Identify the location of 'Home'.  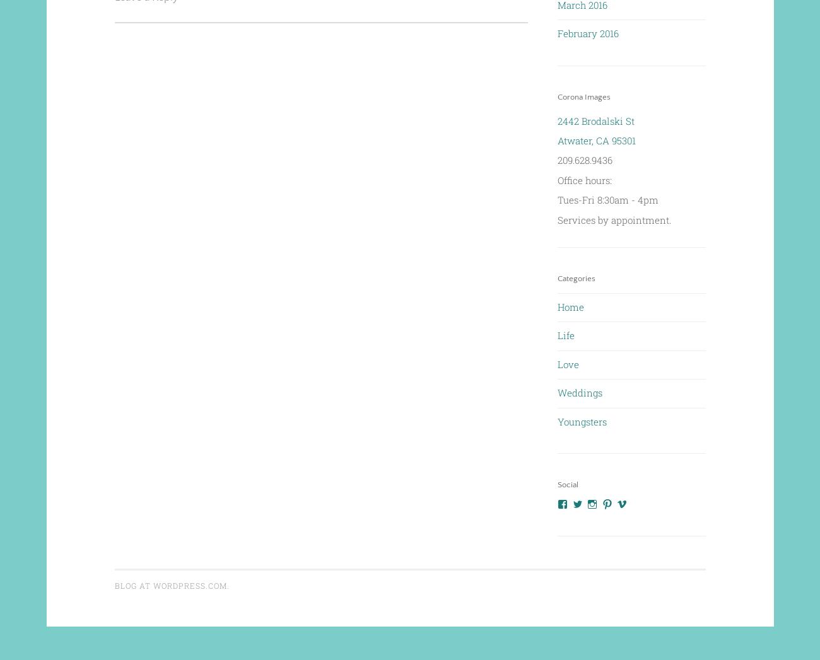
(570, 306).